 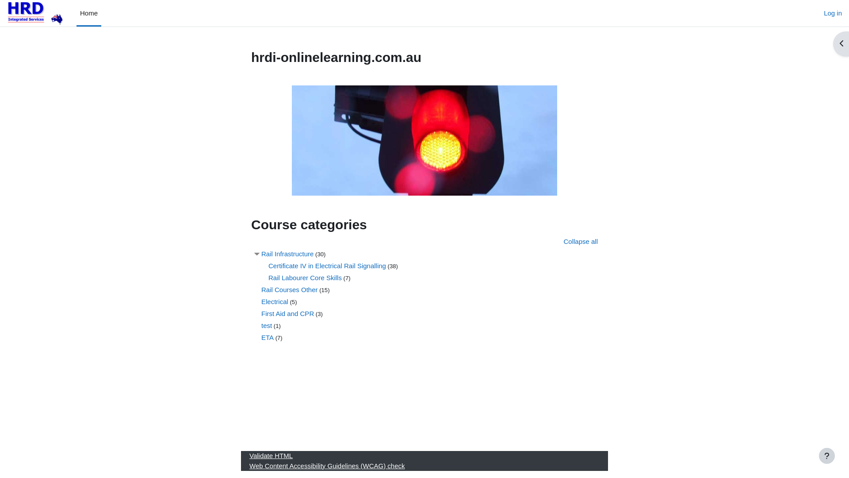 I want to click on 'Validate HTML', so click(x=249, y=455).